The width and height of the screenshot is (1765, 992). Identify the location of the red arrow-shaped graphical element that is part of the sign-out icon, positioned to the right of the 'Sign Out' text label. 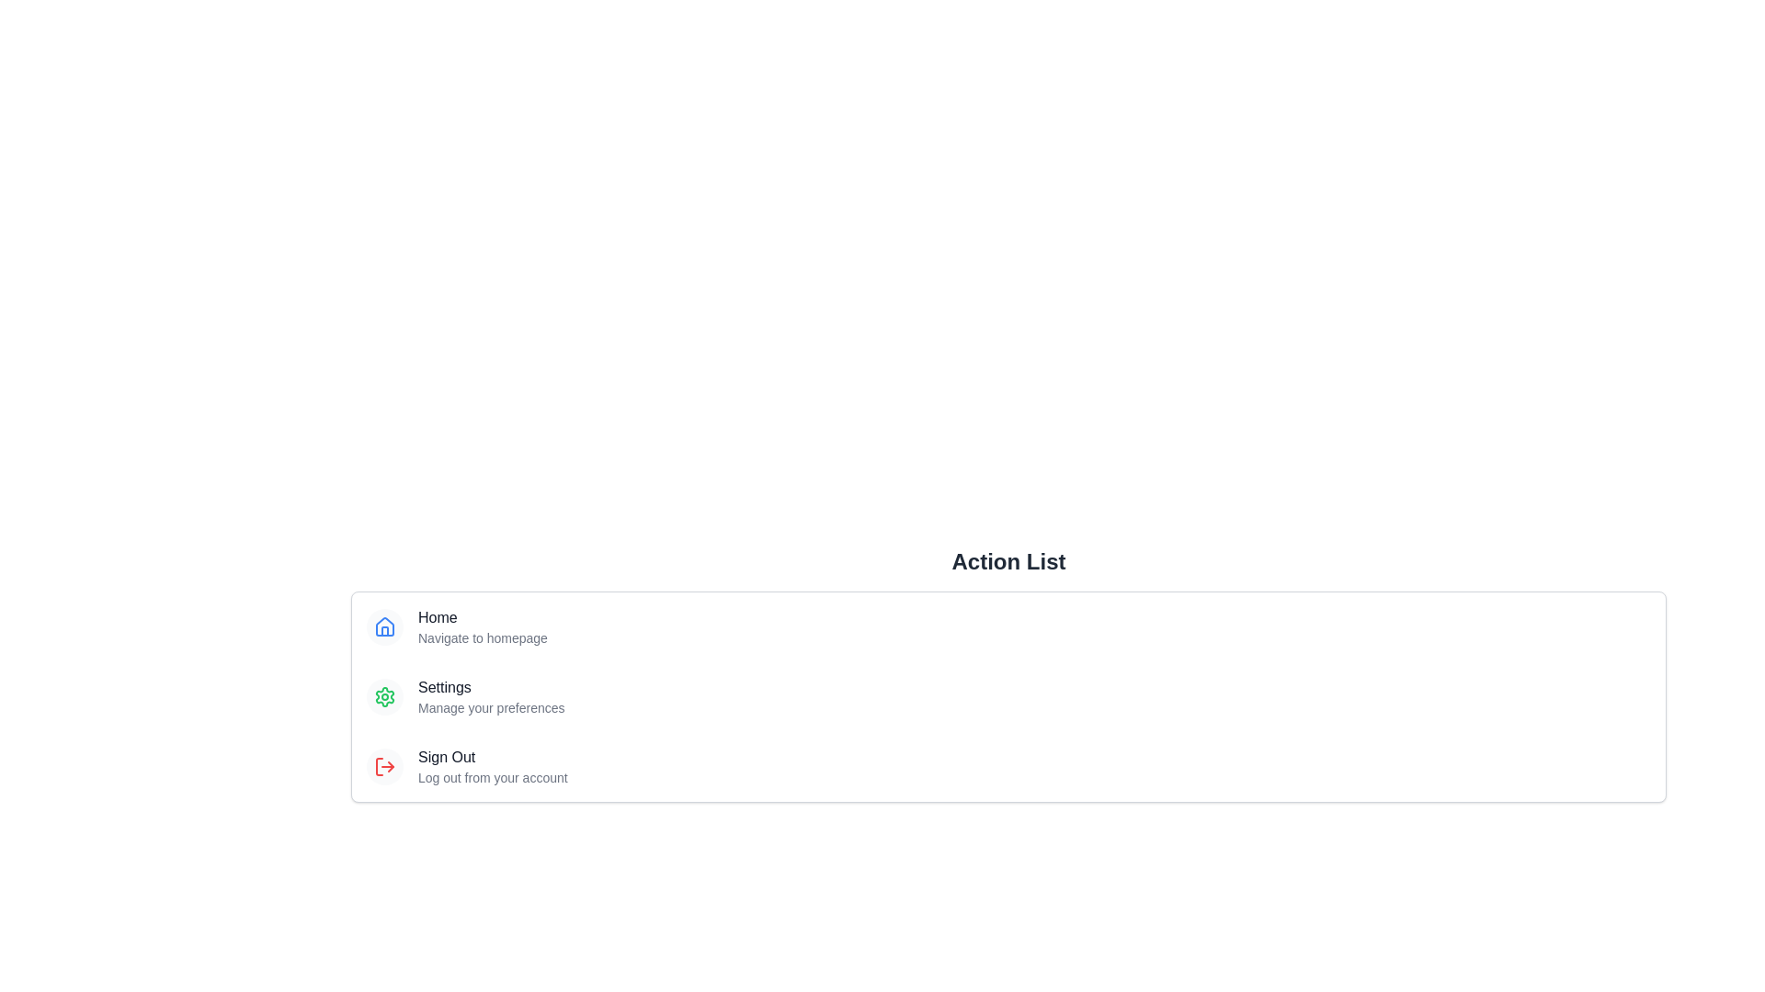
(390, 766).